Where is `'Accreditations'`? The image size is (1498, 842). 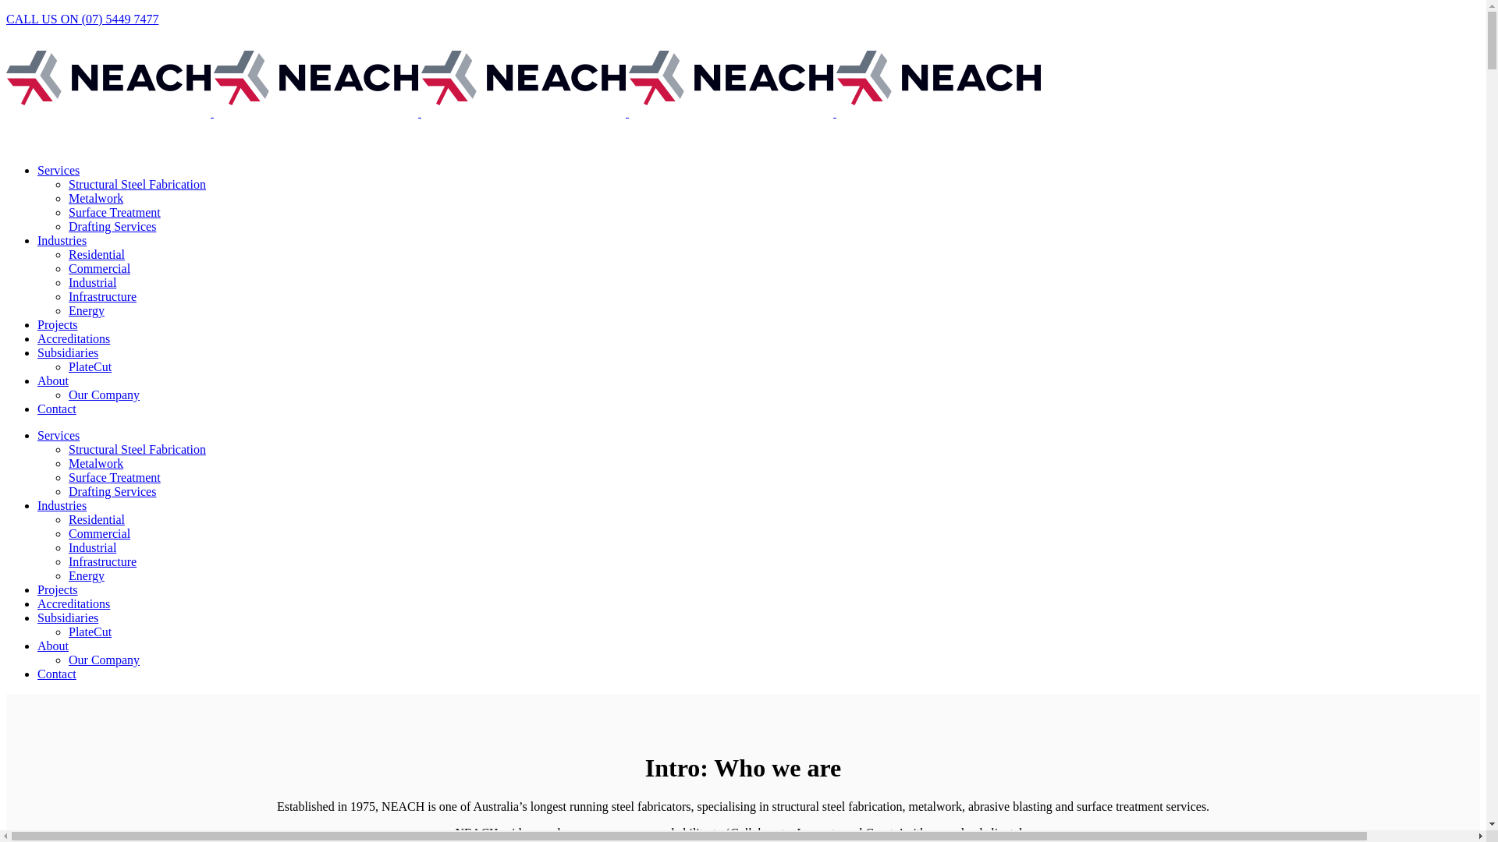
'Accreditations' is located at coordinates (73, 603).